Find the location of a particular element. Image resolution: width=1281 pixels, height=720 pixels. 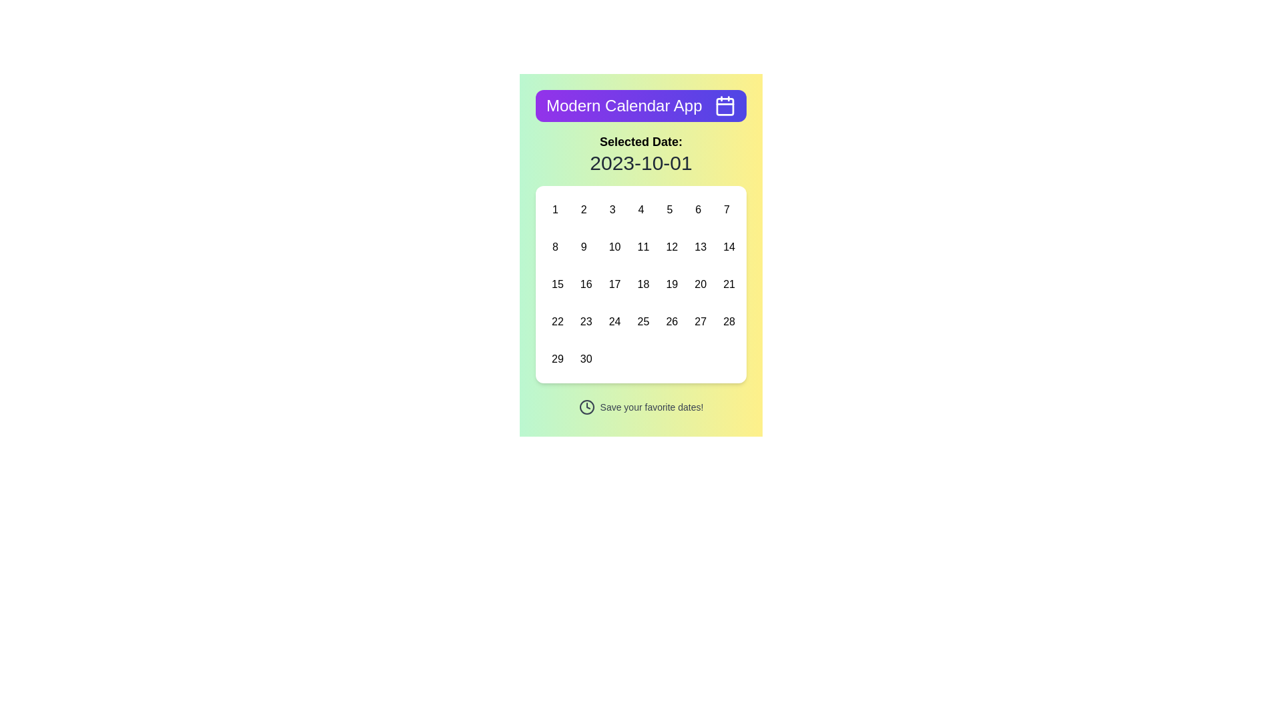

the button displaying the number '11' in the calendar layout is located at coordinates (640, 247).